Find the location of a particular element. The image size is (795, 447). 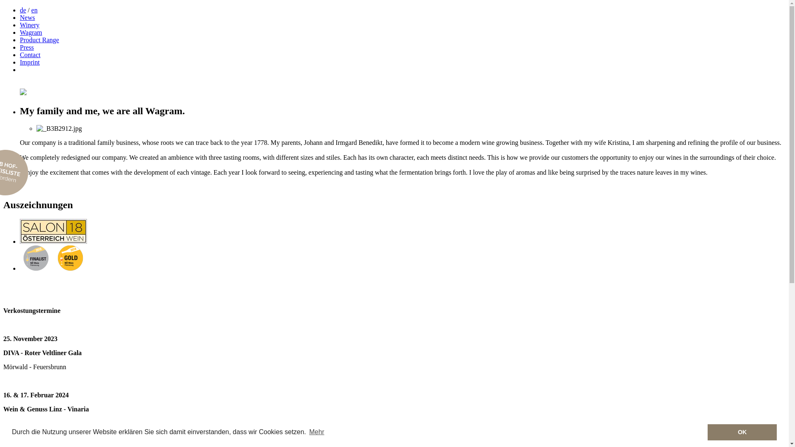

'Mehr' is located at coordinates (316, 432).